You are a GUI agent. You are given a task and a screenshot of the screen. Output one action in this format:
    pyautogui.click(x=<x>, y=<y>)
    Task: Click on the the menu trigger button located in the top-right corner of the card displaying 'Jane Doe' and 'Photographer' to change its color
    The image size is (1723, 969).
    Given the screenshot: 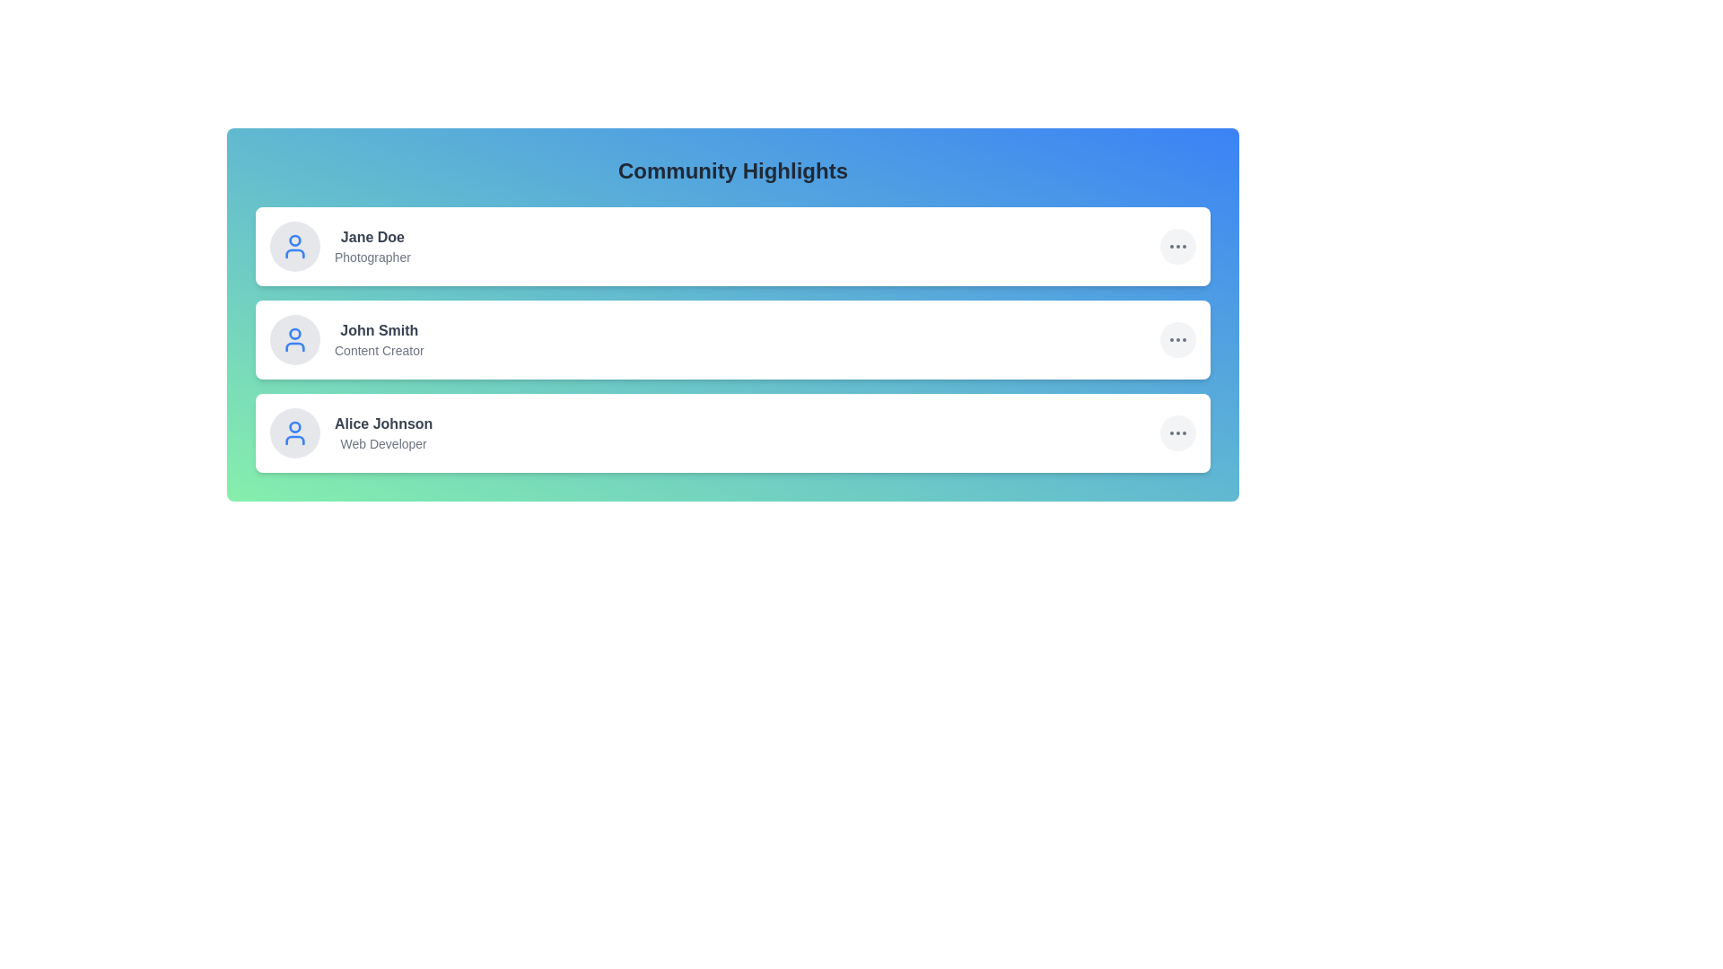 What is the action you would take?
    pyautogui.click(x=1178, y=246)
    